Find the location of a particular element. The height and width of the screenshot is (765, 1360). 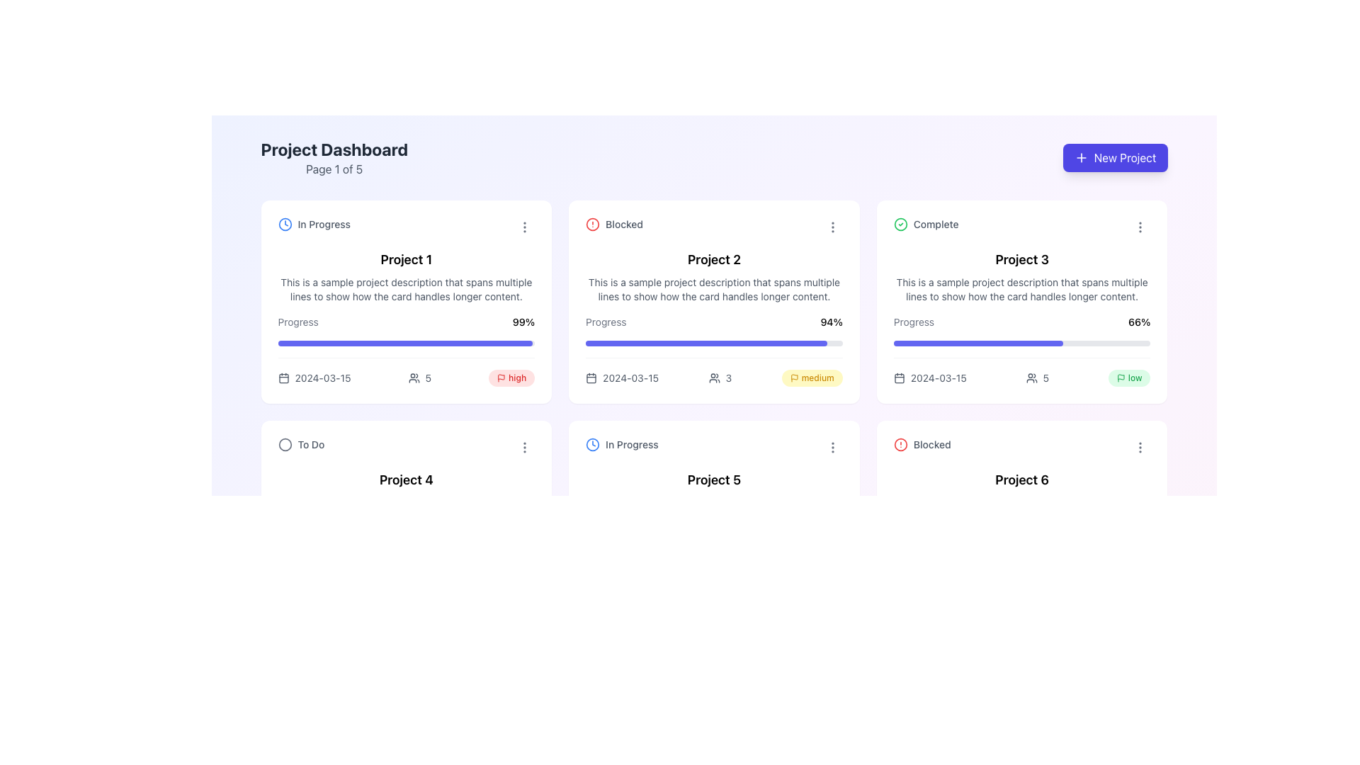

text content of the 'Blocked' text label located in the status section of the 'Project 2' card on the dashboard is located at coordinates (623, 223).